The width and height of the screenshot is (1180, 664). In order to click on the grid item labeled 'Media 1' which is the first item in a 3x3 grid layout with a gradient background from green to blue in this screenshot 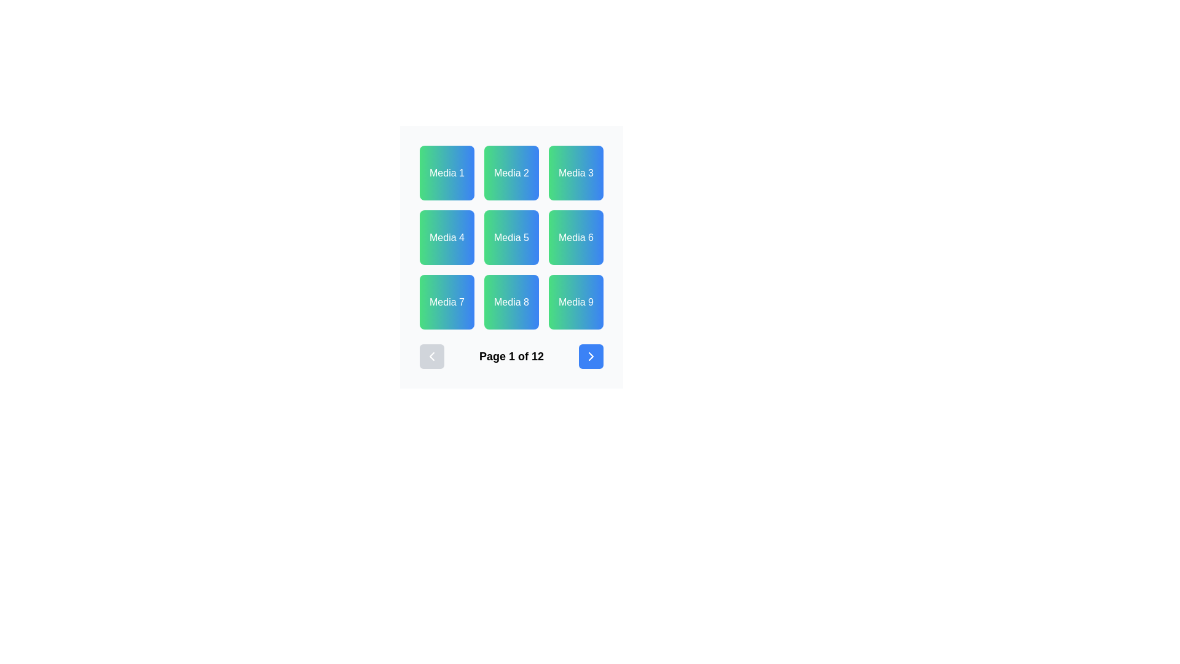, I will do `click(446, 173)`.